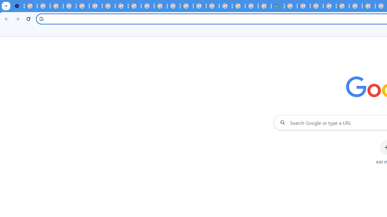 This screenshot has height=217, width=387. Describe the element at coordinates (291, 6) in the screenshot. I see `'Sign in - Google Accounts'` at that location.